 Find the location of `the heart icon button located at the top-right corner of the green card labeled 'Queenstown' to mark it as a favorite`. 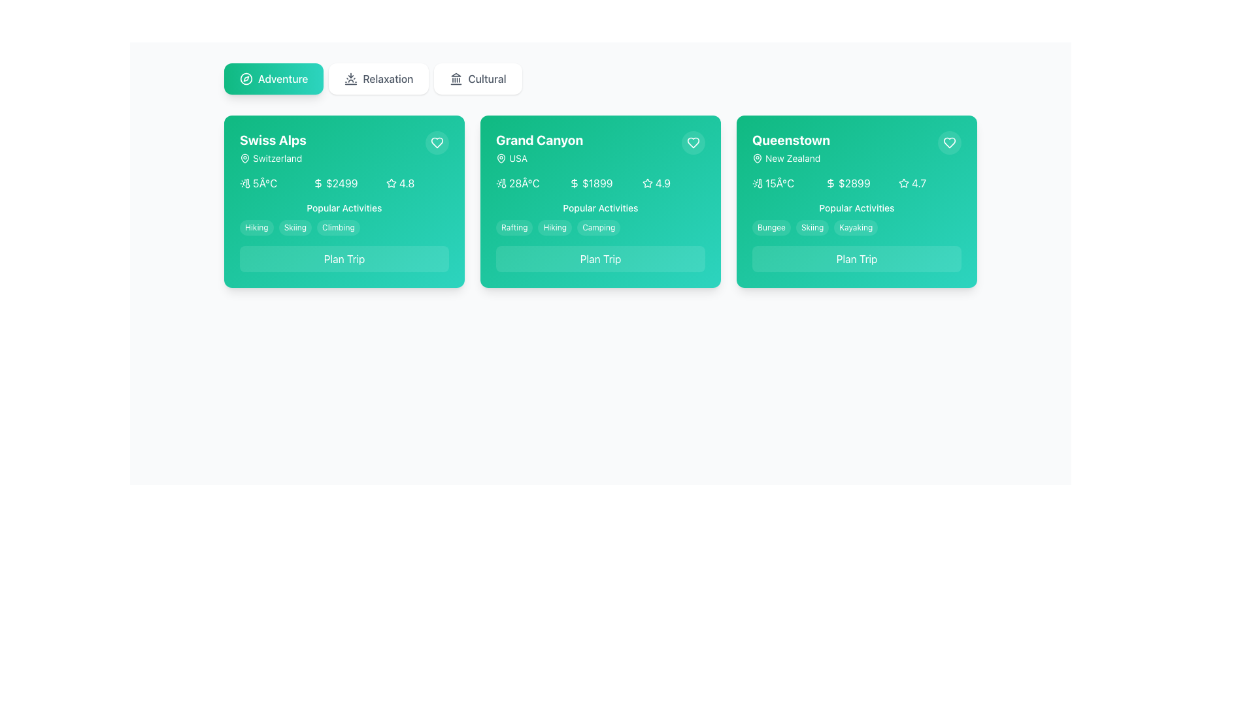

the heart icon button located at the top-right corner of the green card labeled 'Queenstown' to mark it as a favorite is located at coordinates (950, 143).